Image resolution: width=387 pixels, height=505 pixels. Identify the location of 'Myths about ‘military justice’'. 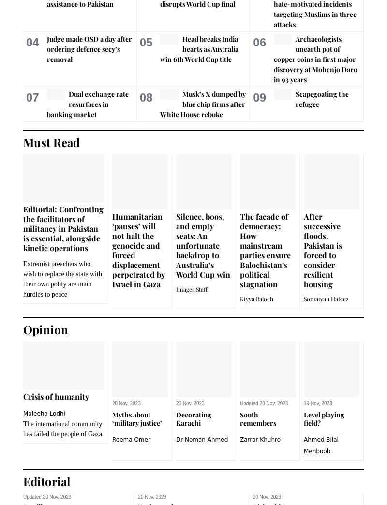
(112, 418).